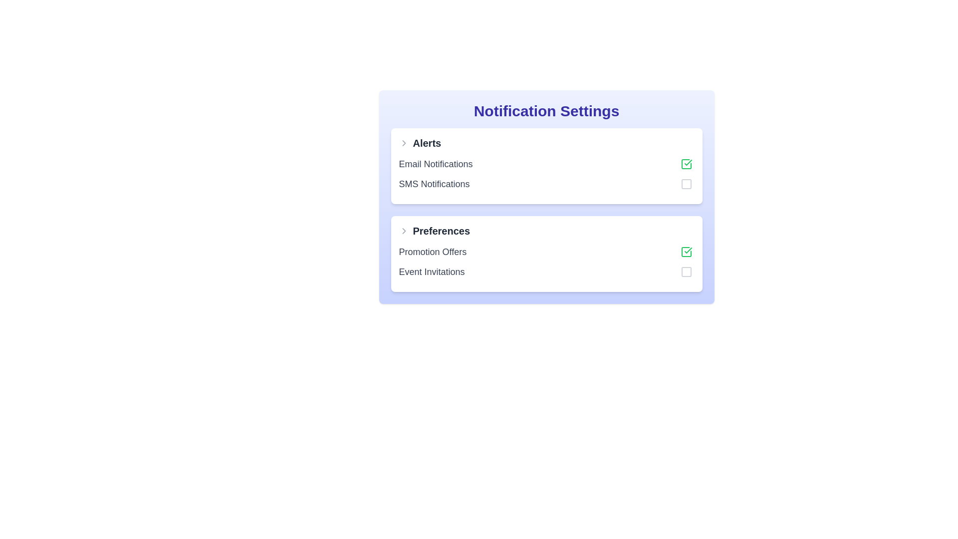 The image size is (958, 539). I want to click on the right-facing chevron icon next to the 'Alerts' heading, so click(404, 143).